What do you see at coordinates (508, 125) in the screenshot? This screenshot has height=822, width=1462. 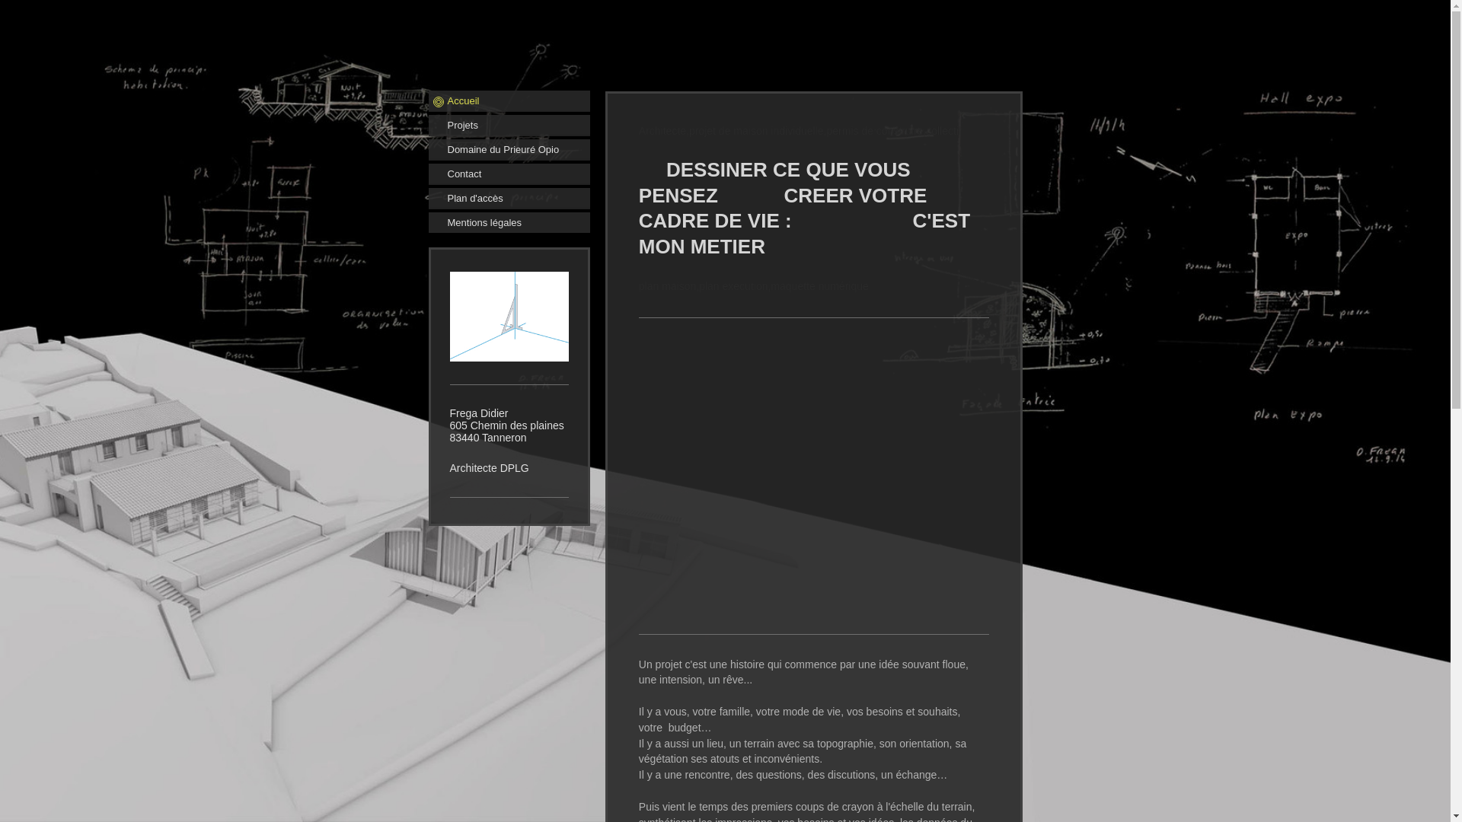 I see `'Projets'` at bounding box center [508, 125].